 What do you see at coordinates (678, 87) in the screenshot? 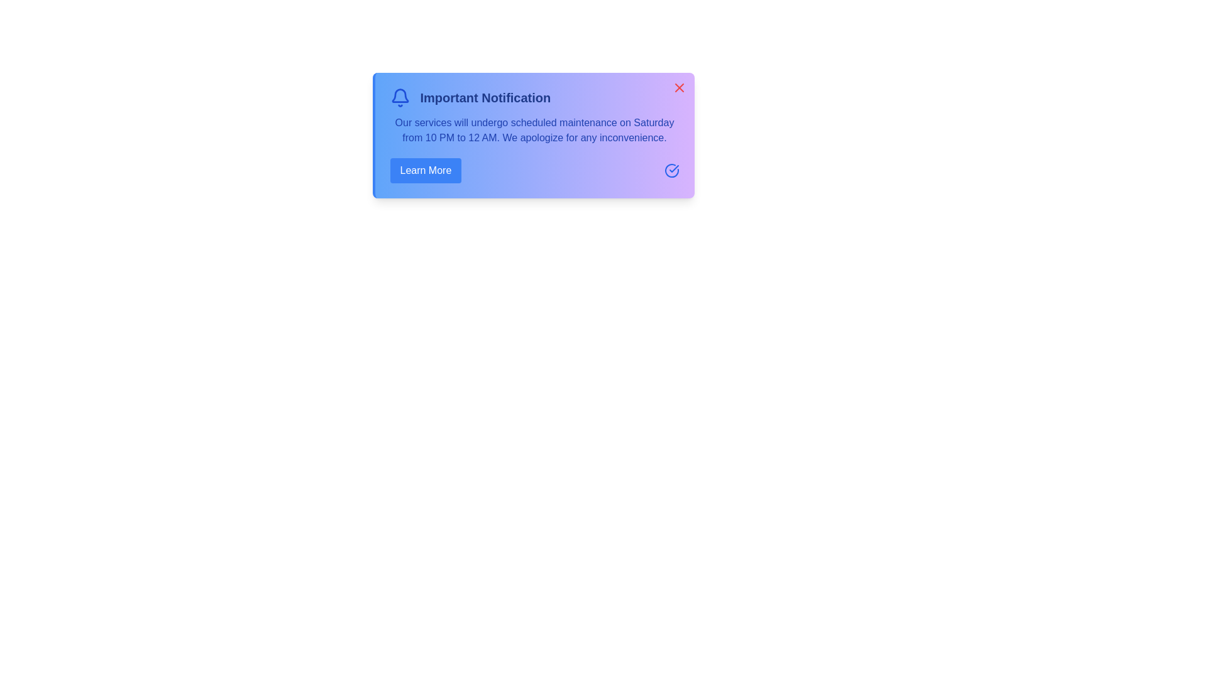
I see `close button located at the top-right corner of the alert to dismiss it` at bounding box center [678, 87].